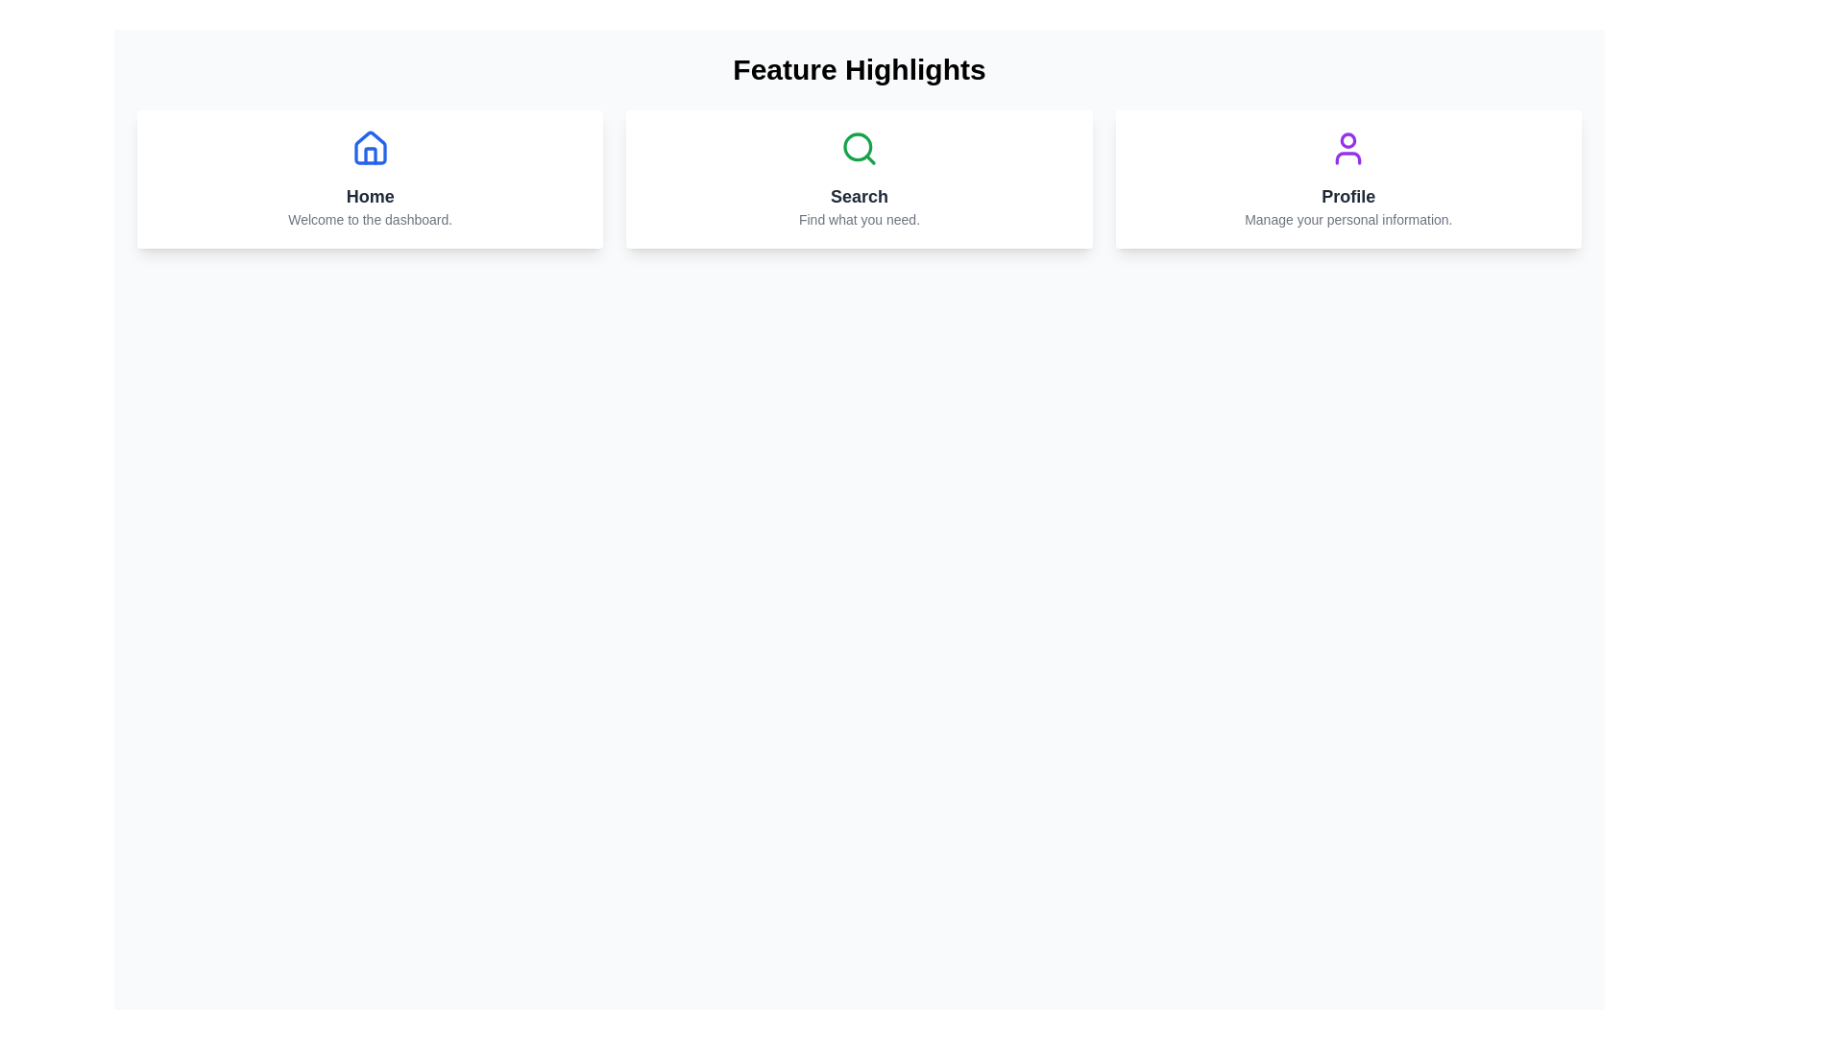 The width and height of the screenshot is (1844, 1037). What do you see at coordinates (370, 147) in the screenshot?
I see `the 'Home' icon located above the text 'Home' on the first card in a horizontal arrangement of cards labeled 'Home', 'Search', and 'Profile'` at bounding box center [370, 147].